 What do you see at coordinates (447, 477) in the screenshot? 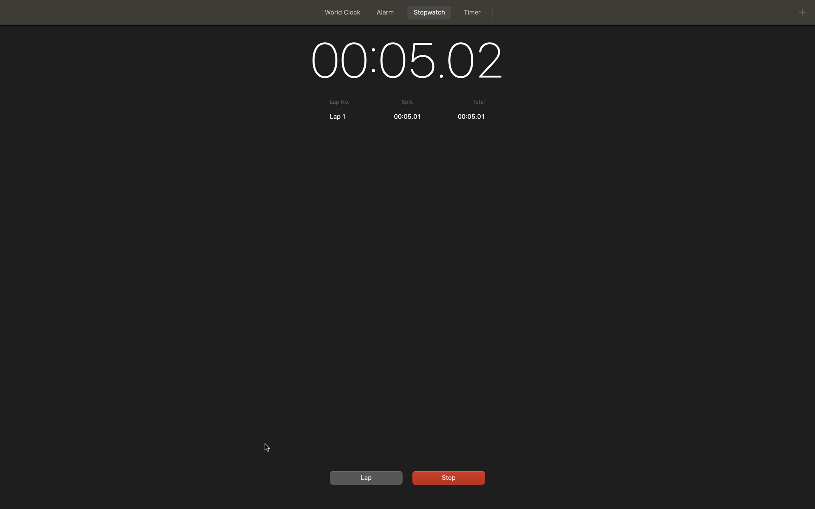
I see `Resume the stopwatch and then record a lap` at bounding box center [447, 477].